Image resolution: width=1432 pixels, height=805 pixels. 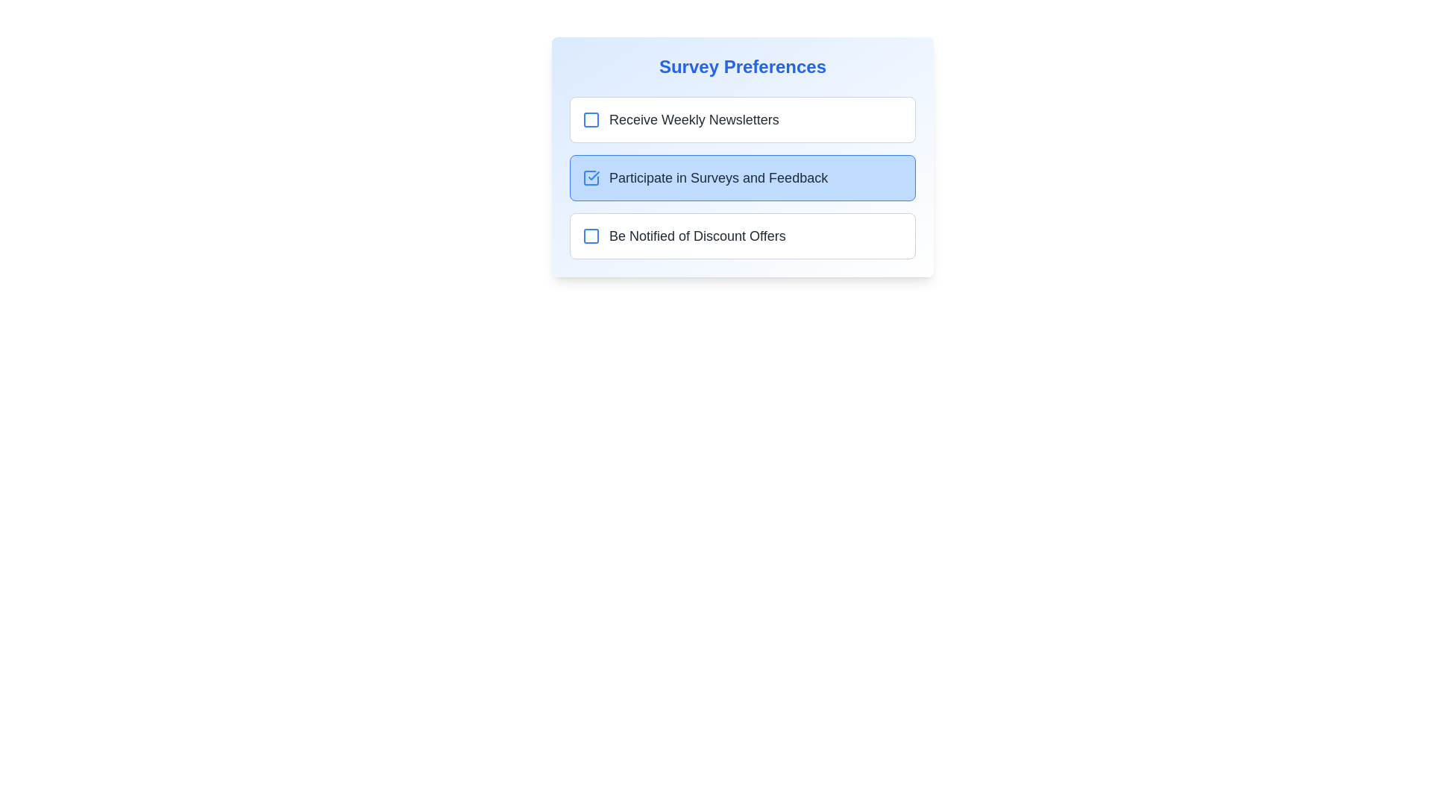 What do you see at coordinates (693, 119) in the screenshot?
I see `the text label that describes the adjacent checkbox for selecting or deselecting the preference for receiving weekly newsletters in the 'Survey Preferences' interface` at bounding box center [693, 119].